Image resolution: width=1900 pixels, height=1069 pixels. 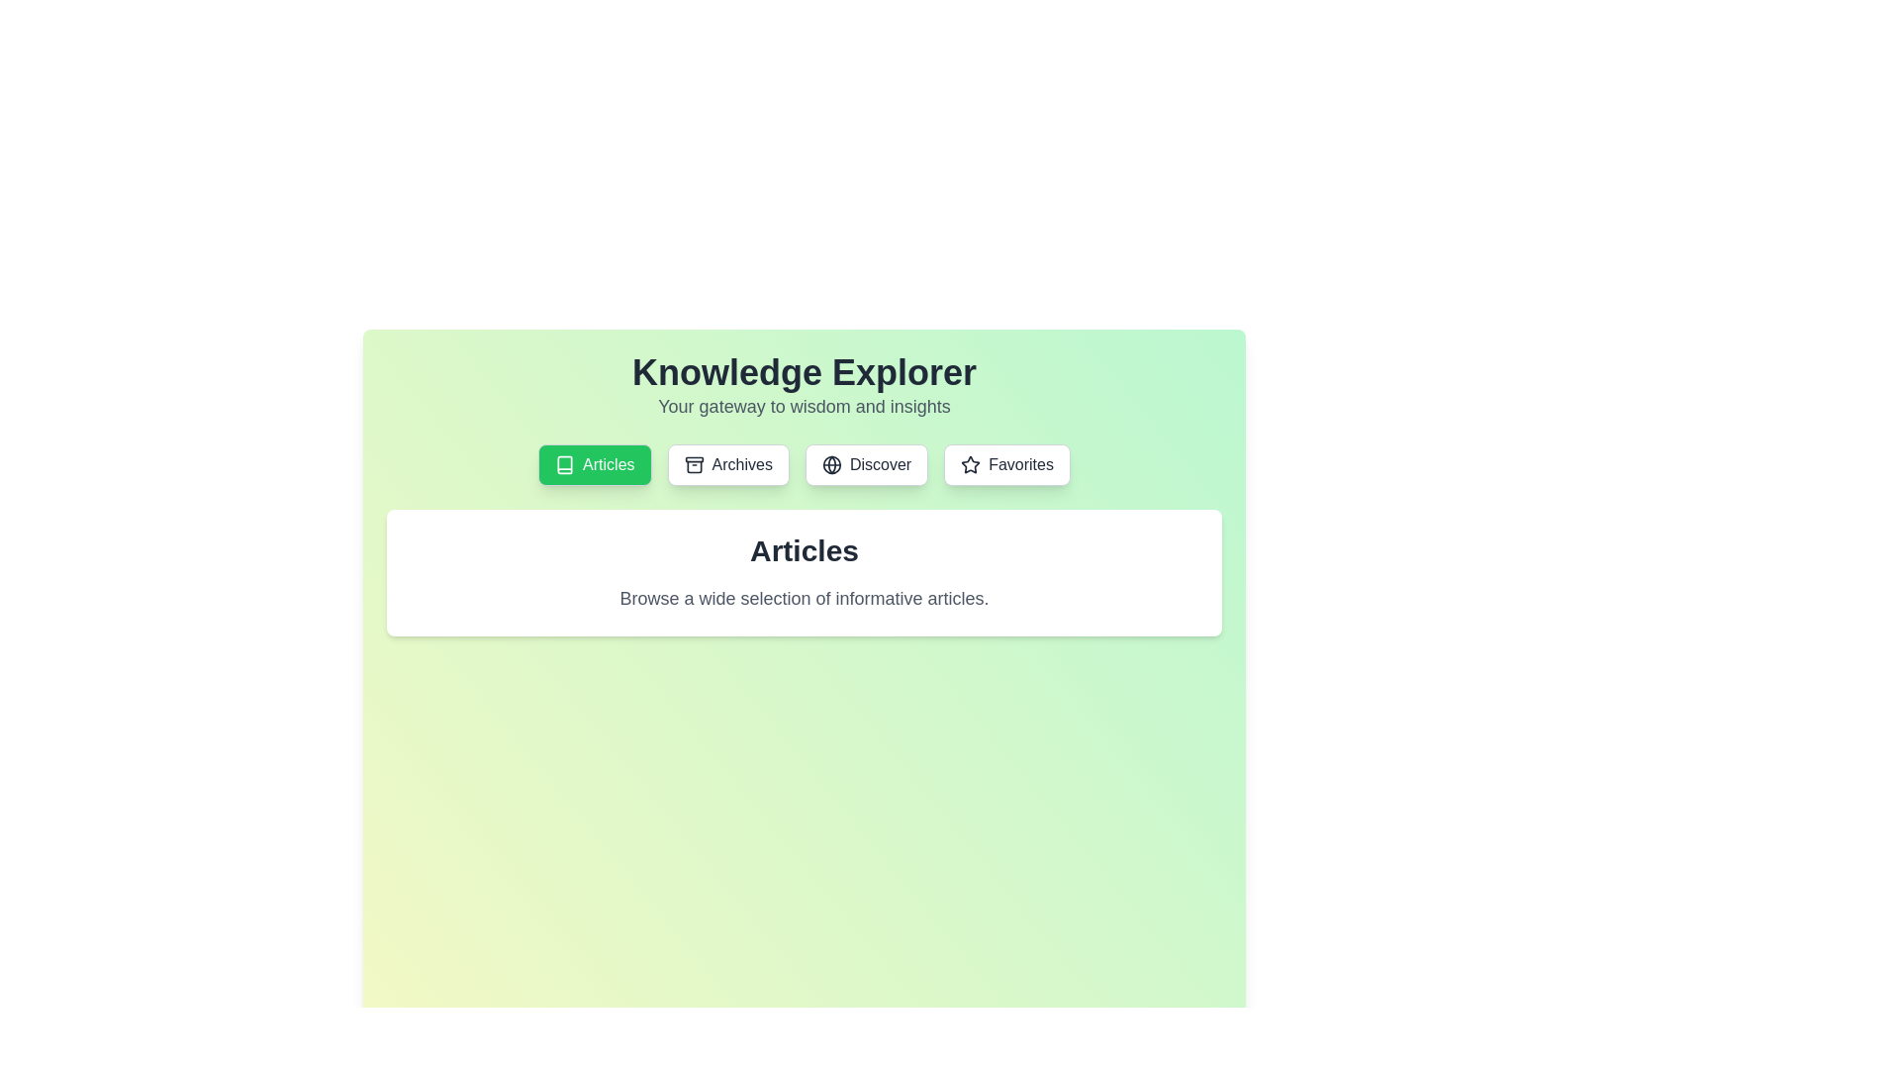 What do you see at coordinates (1006, 465) in the screenshot?
I see `the tab labeled Favorites` at bounding box center [1006, 465].